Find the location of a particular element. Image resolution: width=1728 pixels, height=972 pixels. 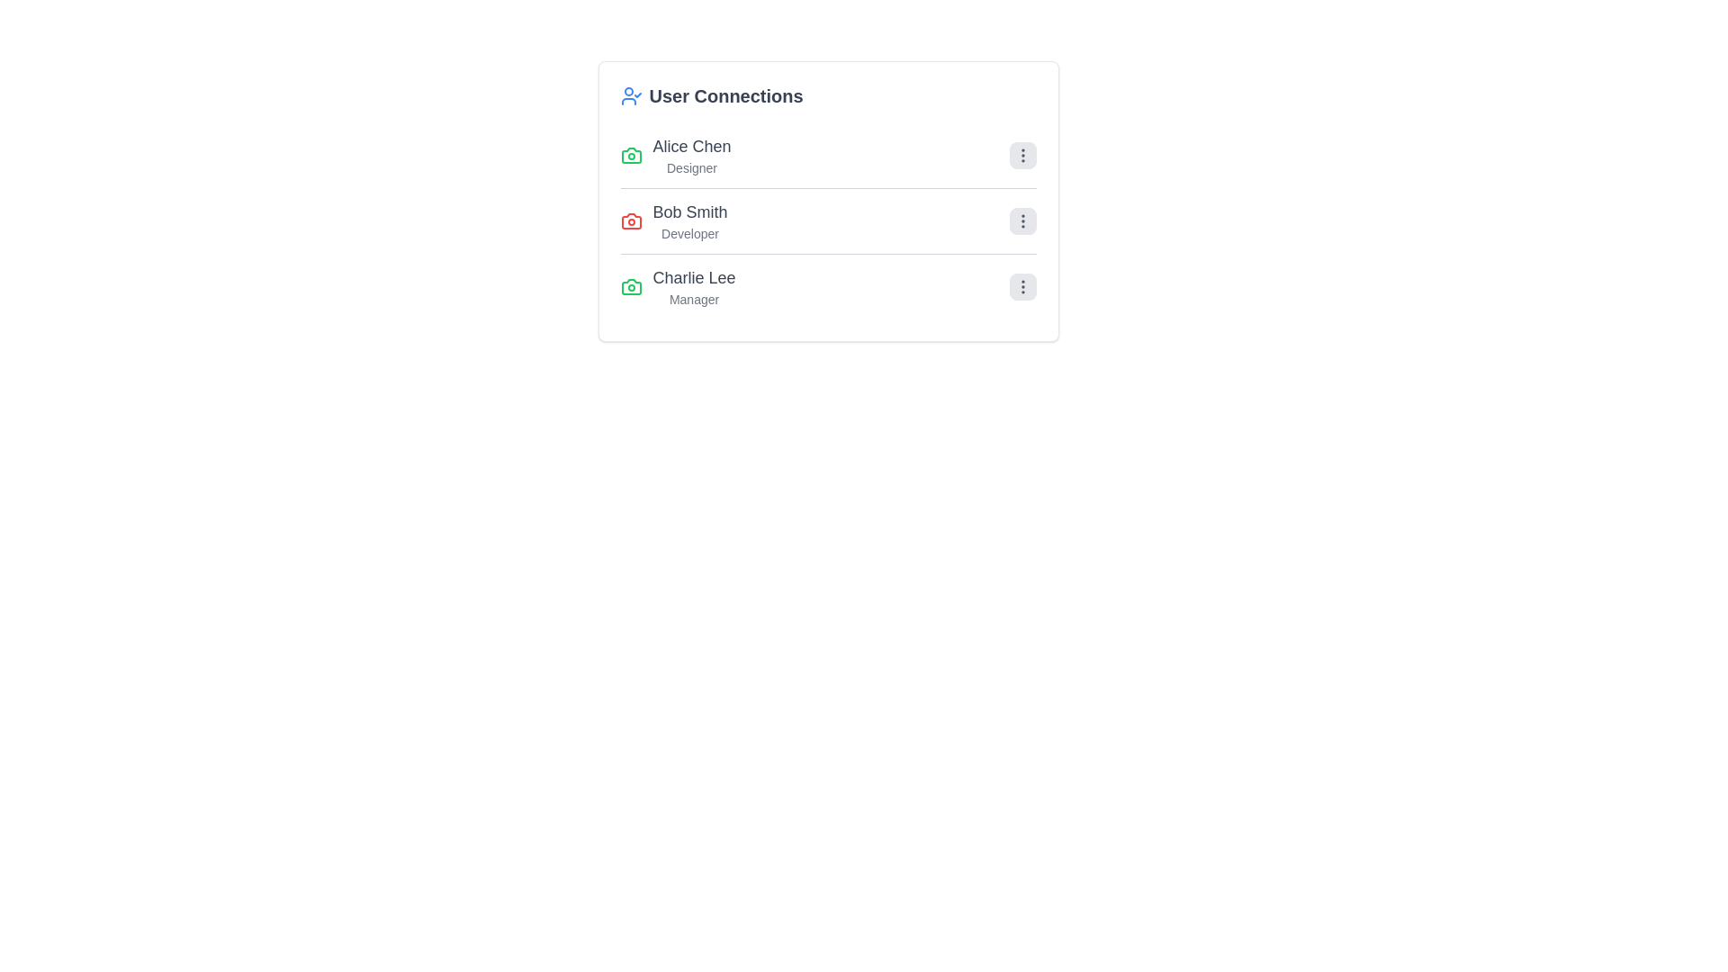

the camera icon associated with Alice Chen's profile information, located to the left of 'Alice Chen Designer' in the 'User Connections' section is located at coordinates (631, 155).